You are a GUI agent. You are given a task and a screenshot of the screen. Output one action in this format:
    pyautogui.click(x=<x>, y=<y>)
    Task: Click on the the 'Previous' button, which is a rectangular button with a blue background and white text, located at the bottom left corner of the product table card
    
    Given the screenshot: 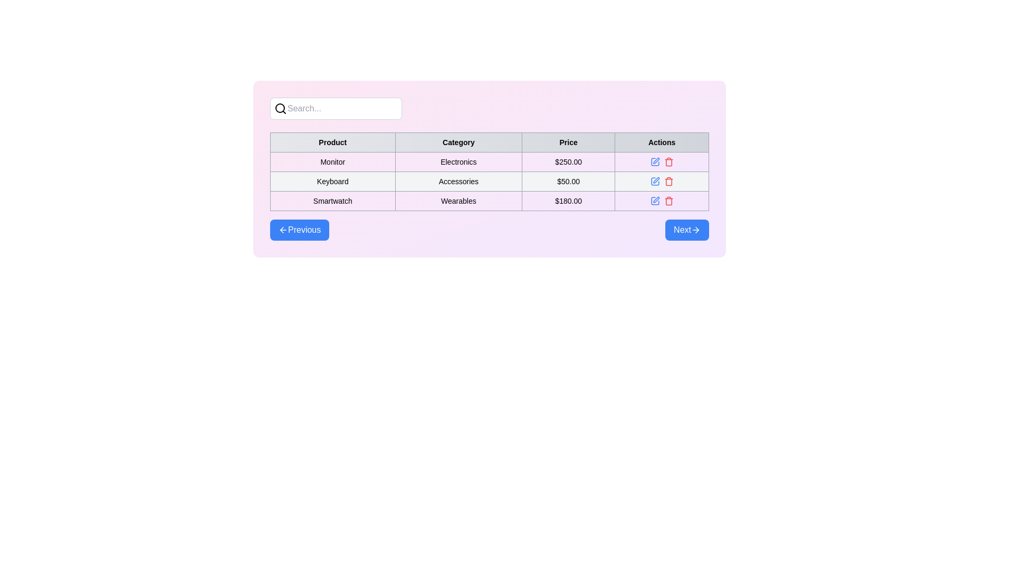 What is the action you would take?
    pyautogui.click(x=299, y=229)
    